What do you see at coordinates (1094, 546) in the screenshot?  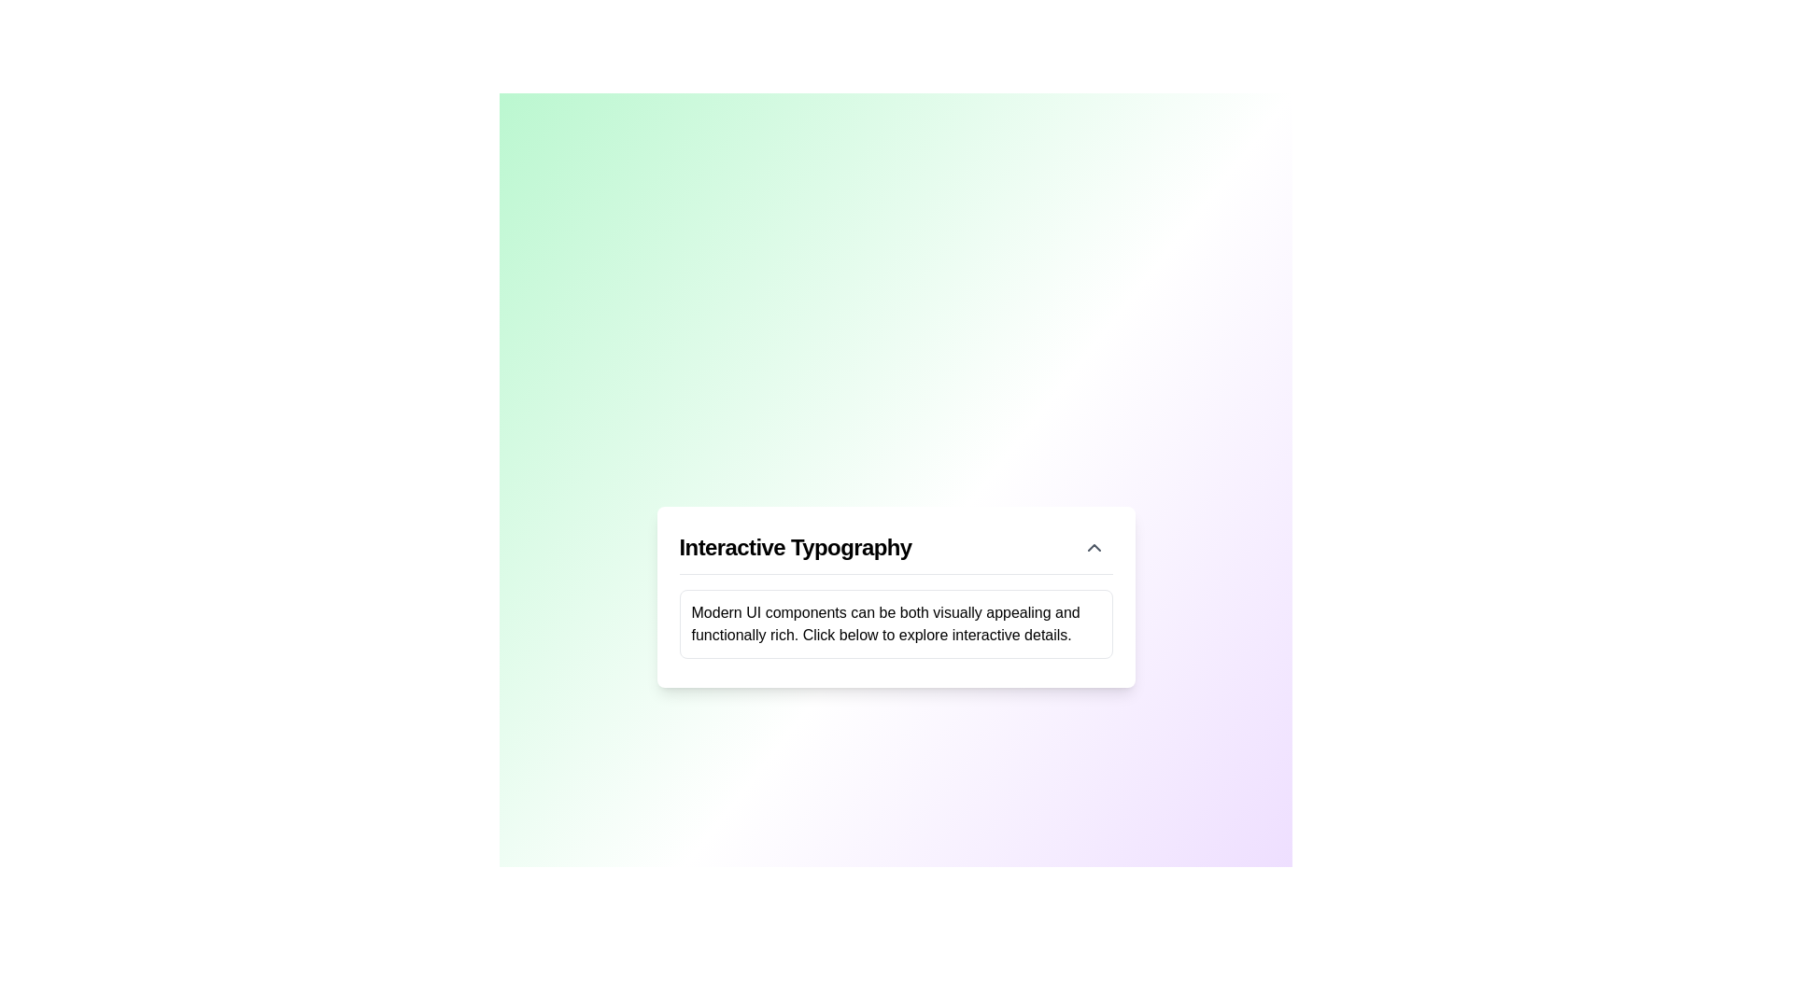 I see `the Chevron Icon located in the top-right corner of the card component` at bounding box center [1094, 546].